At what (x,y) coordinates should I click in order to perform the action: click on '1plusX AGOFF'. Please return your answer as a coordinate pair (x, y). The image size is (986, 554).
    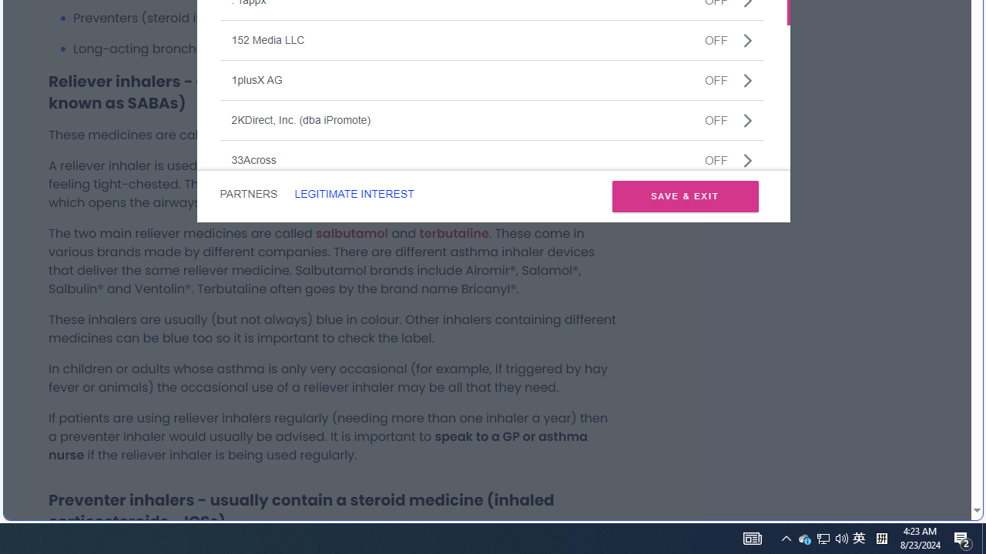
    Looking at the image, I should click on (491, 80).